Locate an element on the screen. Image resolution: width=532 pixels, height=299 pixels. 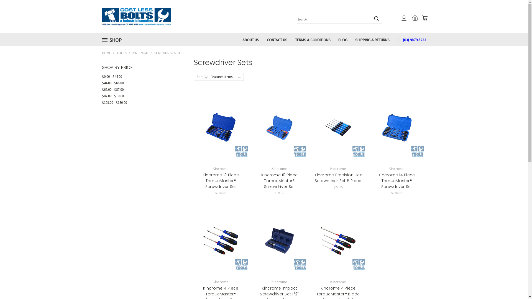
'(03) 9879 5233' is located at coordinates (412, 39).